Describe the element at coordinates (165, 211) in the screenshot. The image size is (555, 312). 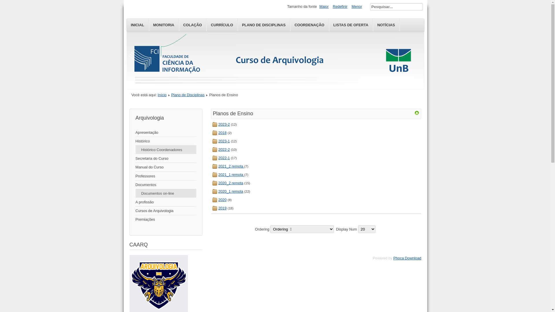
I see `'Cursos de Arquivologia'` at that location.